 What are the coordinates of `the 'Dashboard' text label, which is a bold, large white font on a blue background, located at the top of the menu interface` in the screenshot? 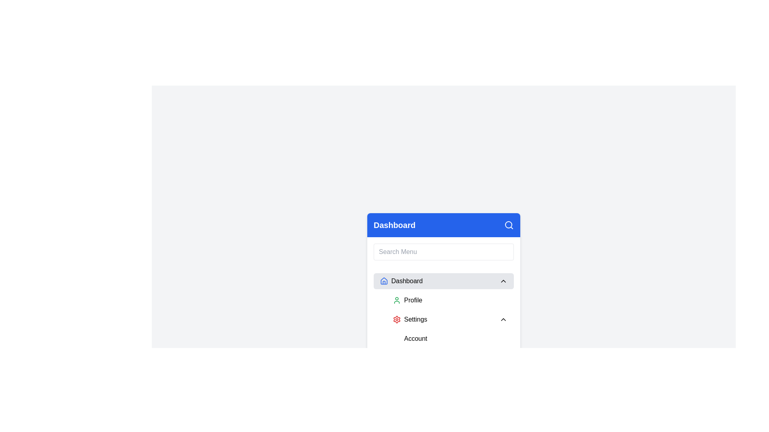 It's located at (395, 225).